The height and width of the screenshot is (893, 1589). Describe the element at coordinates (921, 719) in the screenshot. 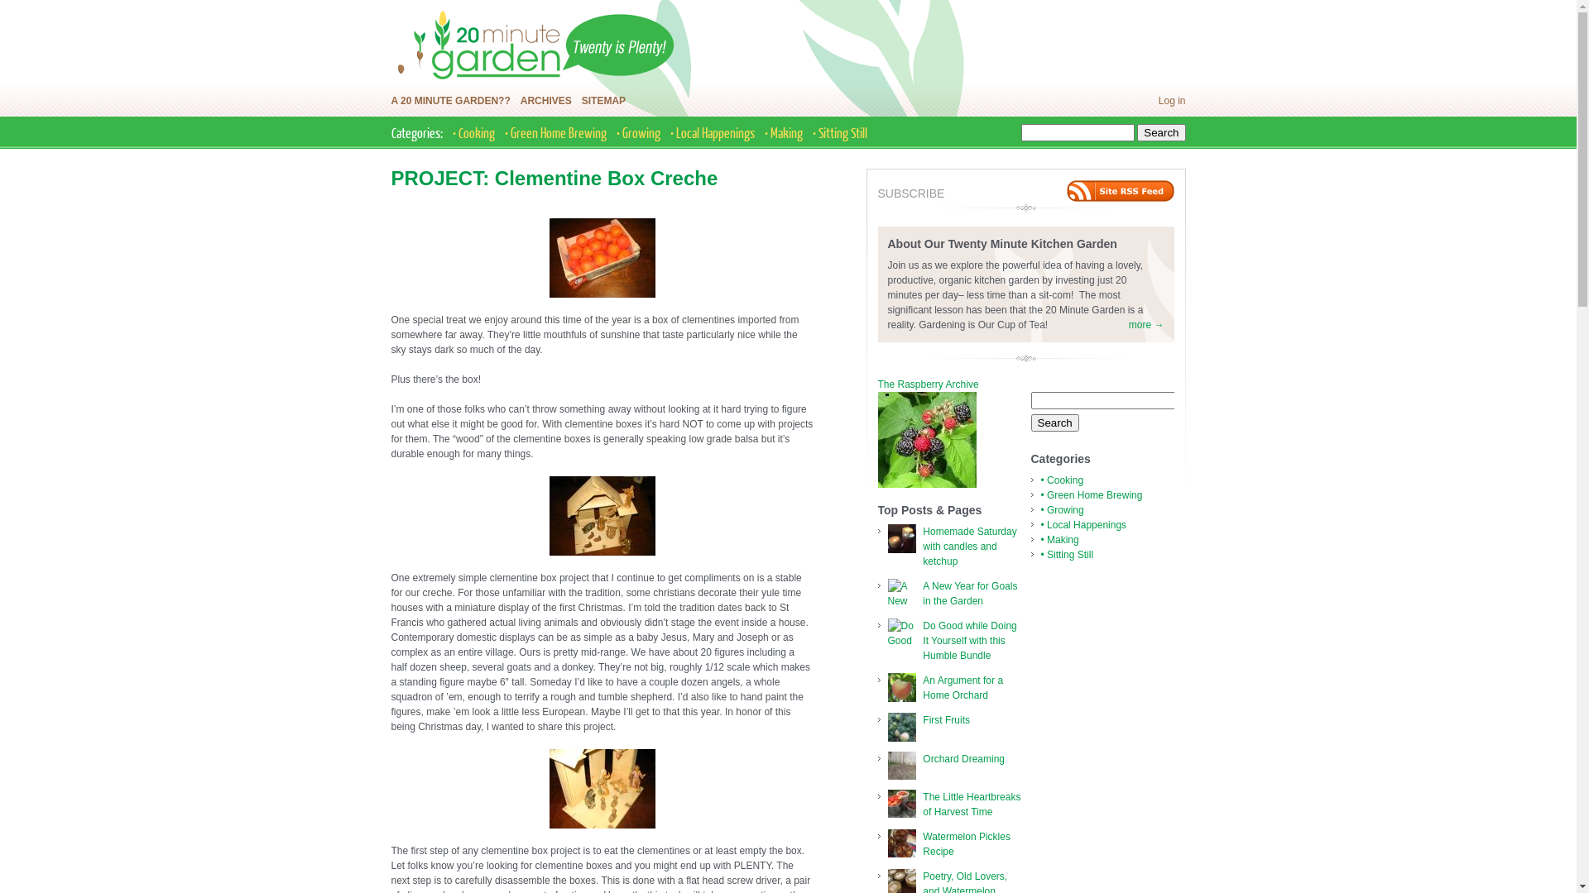

I see `'First Fruits'` at that location.